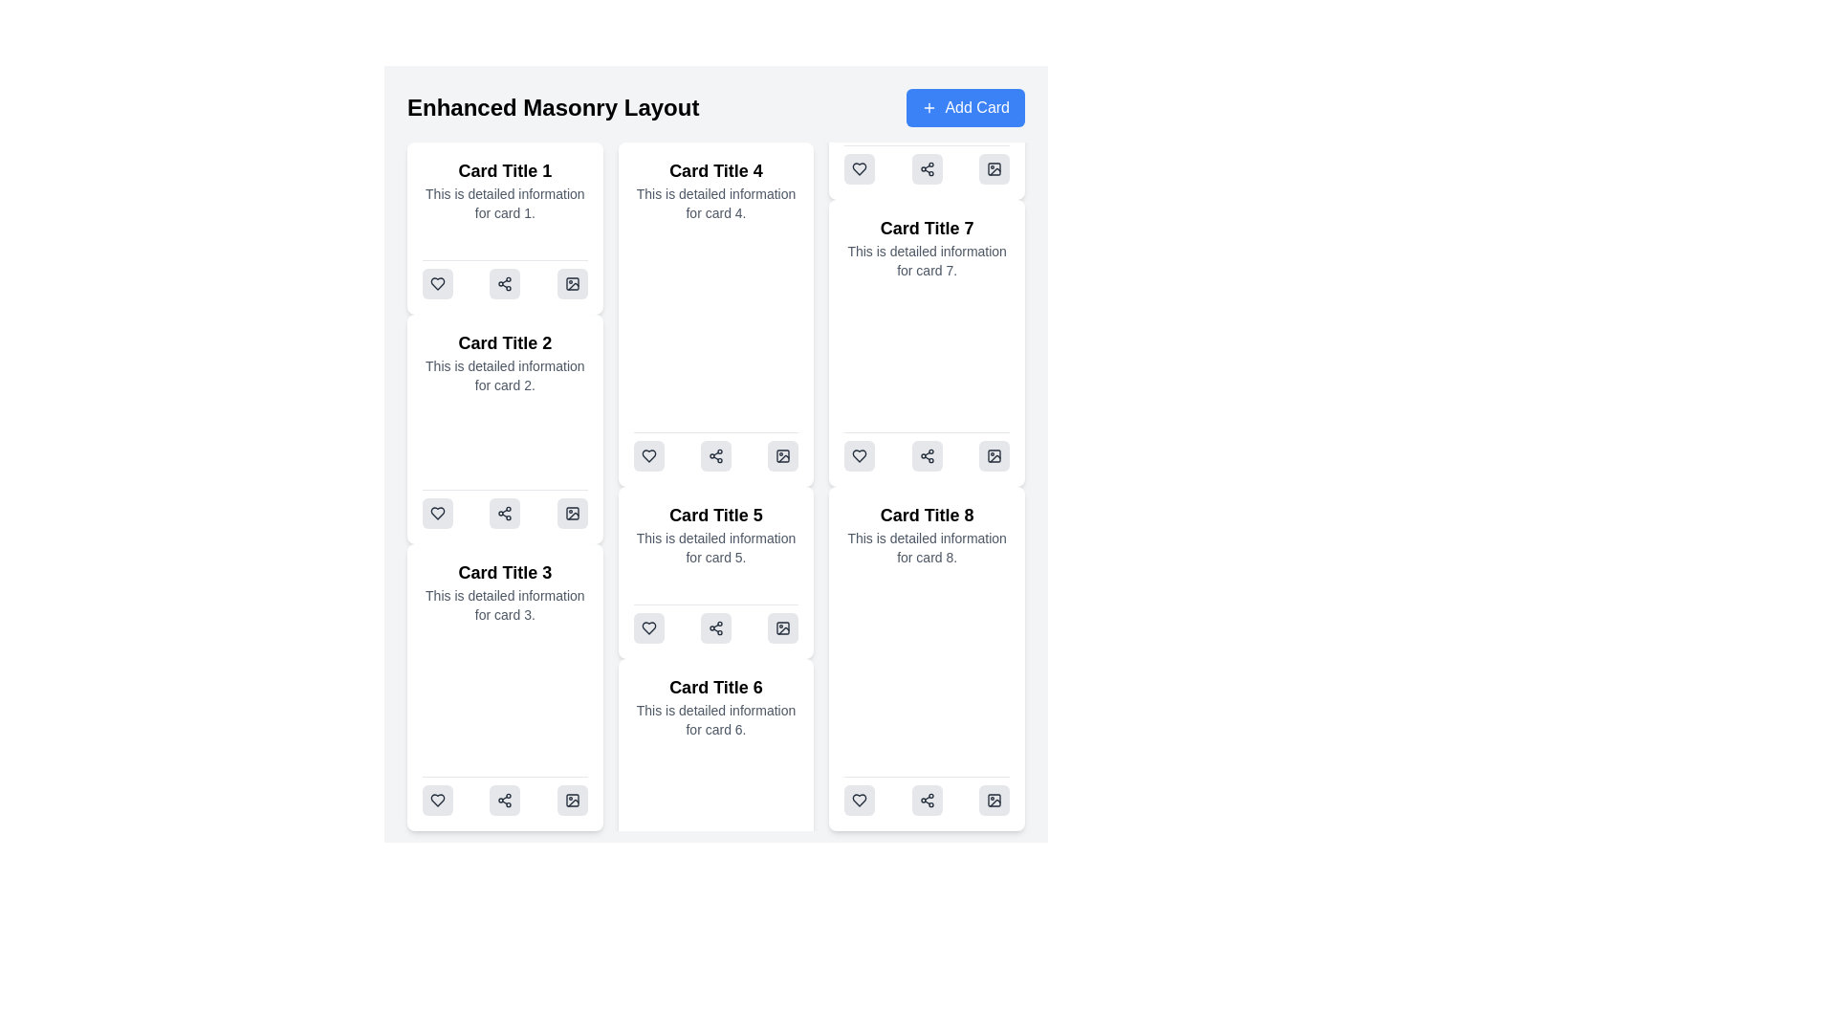 The height and width of the screenshot is (1033, 1836). Describe the element at coordinates (436, 801) in the screenshot. I see `the 'Like' or 'Favorite' button icon located in the lower-left corner of 'Card Title 3'` at that location.